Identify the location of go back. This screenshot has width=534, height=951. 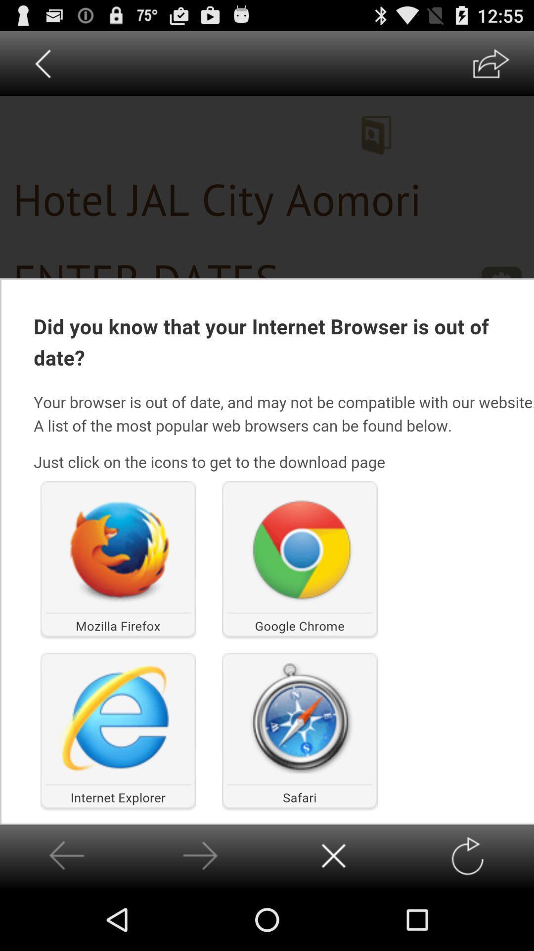
(67, 855).